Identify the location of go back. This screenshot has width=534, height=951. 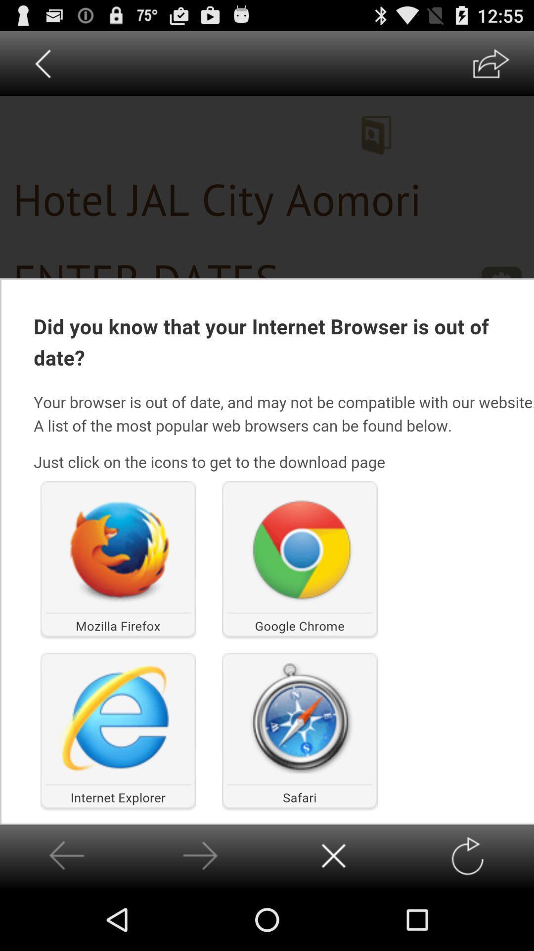
(67, 855).